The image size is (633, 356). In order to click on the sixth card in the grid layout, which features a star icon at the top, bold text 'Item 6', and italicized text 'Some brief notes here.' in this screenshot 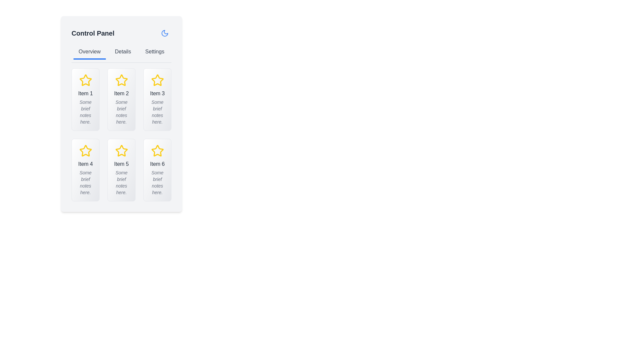, I will do `click(157, 170)`.